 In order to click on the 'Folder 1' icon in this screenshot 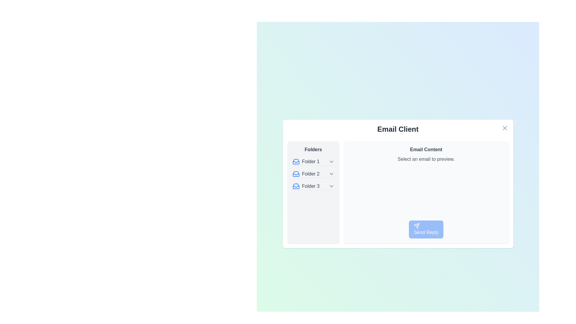, I will do `click(296, 161)`.